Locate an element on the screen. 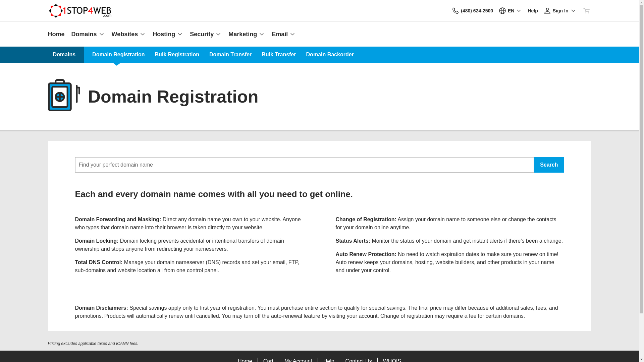 The image size is (644, 362). 'Websites' is located at coordinates (108, 34).